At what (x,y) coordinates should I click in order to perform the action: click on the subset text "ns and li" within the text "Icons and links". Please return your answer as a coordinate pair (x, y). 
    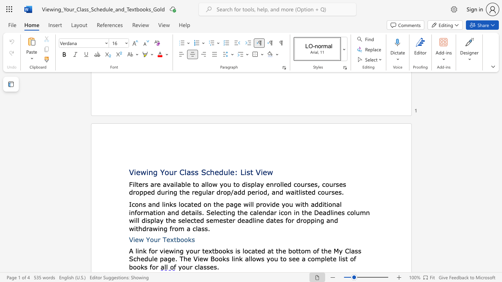
    Looking at the image, I should click on (138, 204).